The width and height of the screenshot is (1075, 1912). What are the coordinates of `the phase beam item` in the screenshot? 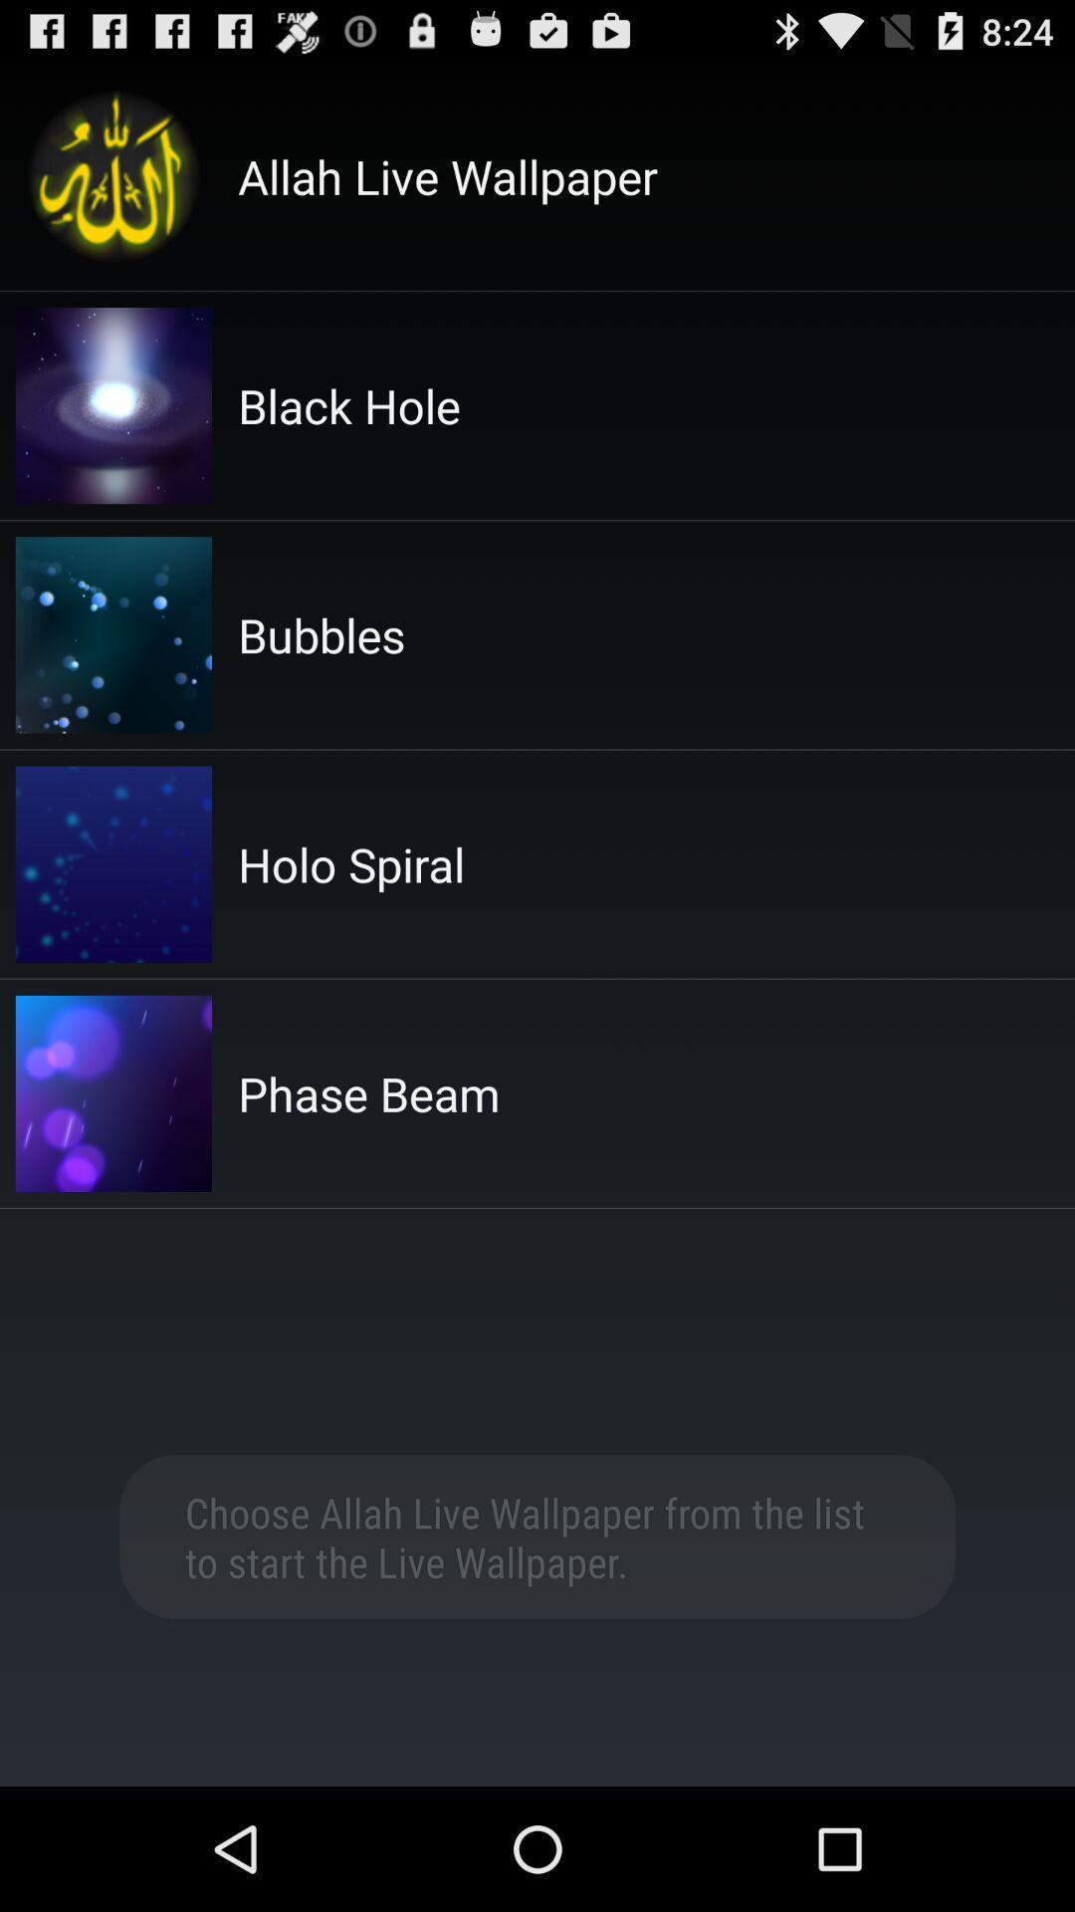 It's located at (368, 1092).